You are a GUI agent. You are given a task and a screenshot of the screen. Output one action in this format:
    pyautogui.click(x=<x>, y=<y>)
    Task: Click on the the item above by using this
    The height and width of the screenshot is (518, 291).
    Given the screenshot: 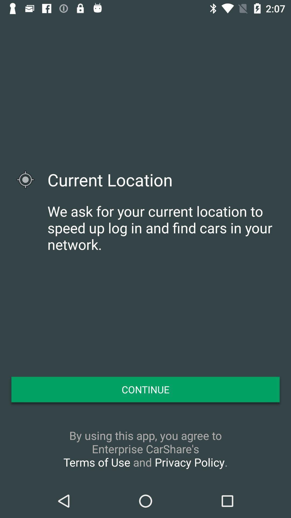 What is the action you would take?
    pyautogui.click(x=145, y=389)
    